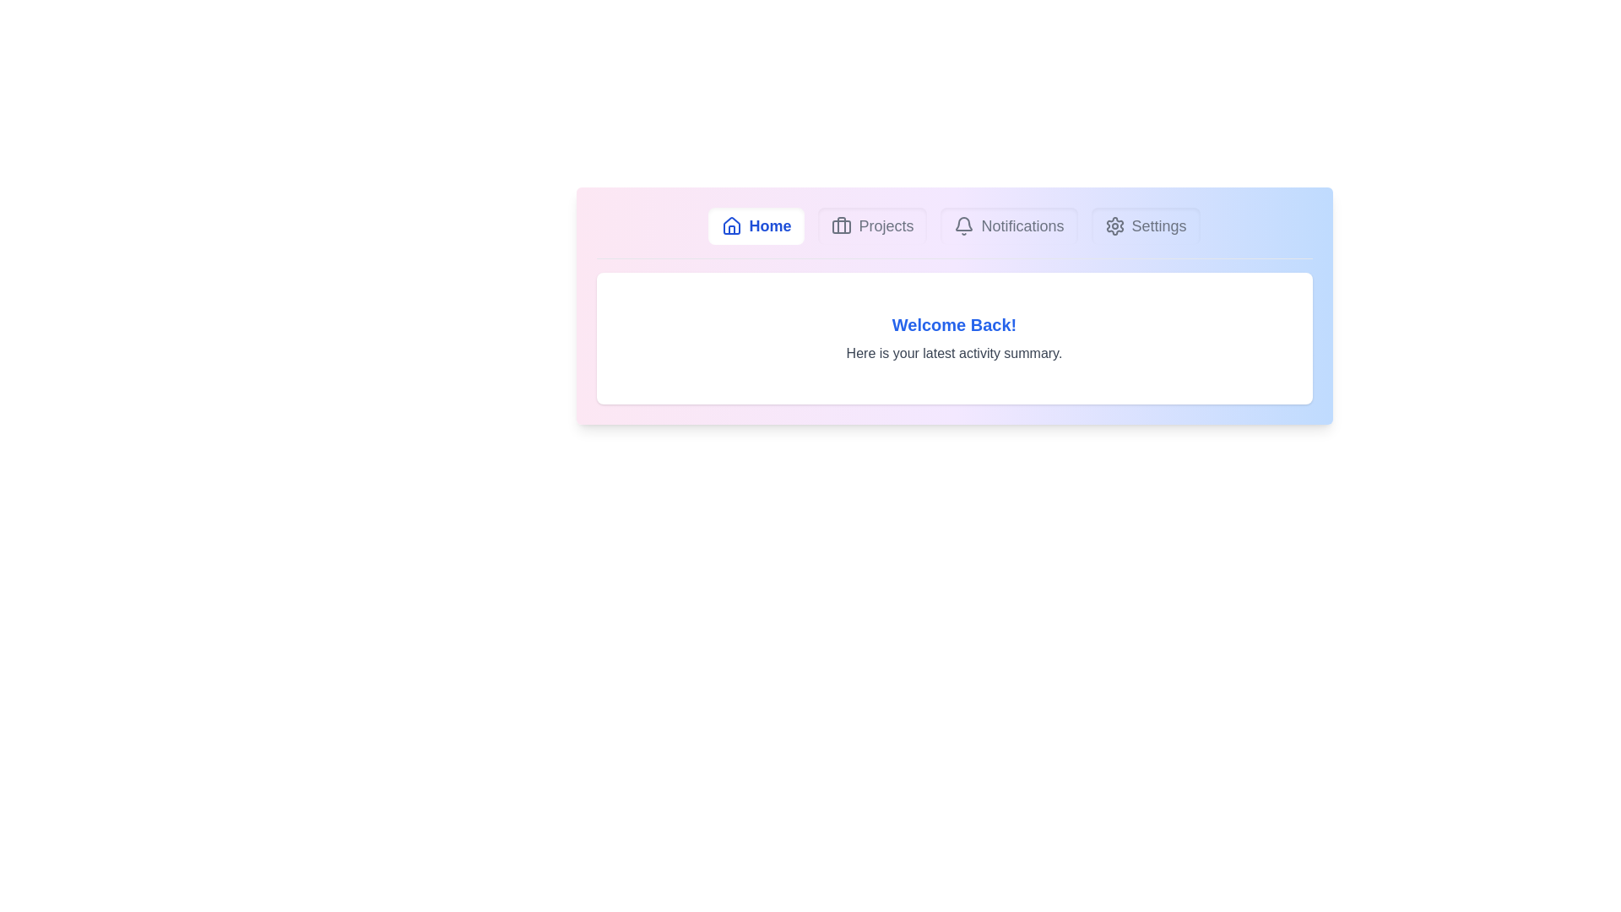 The image size is (1621, 912). I want to click on the Notifications tab to switch to its content, so click(1009, 225).